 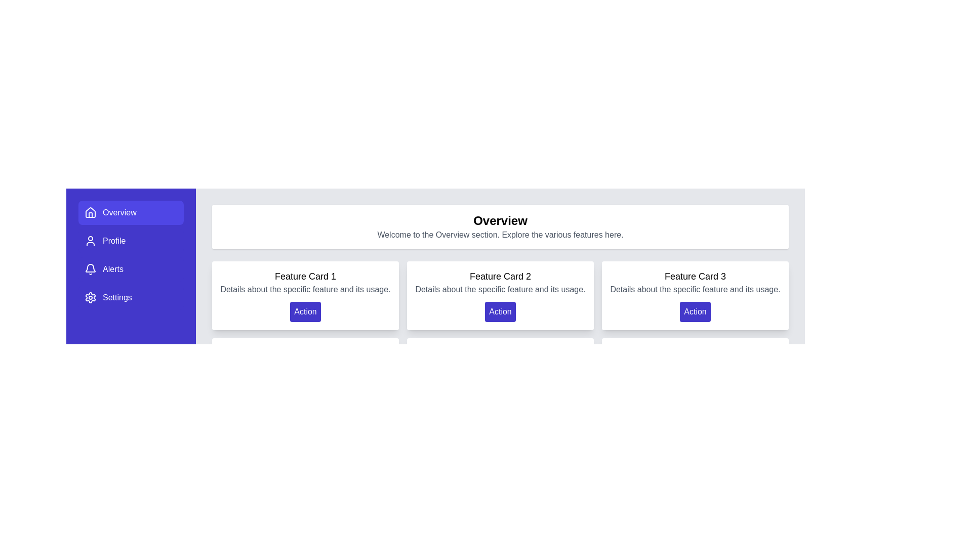 What do you see at coordinates (90, 297) in the screenshot?
I see `the 'Settings' icon located in the left sidebar navigation menu, which is positioned fourth among its siblings` at bounding box center [90, 297].